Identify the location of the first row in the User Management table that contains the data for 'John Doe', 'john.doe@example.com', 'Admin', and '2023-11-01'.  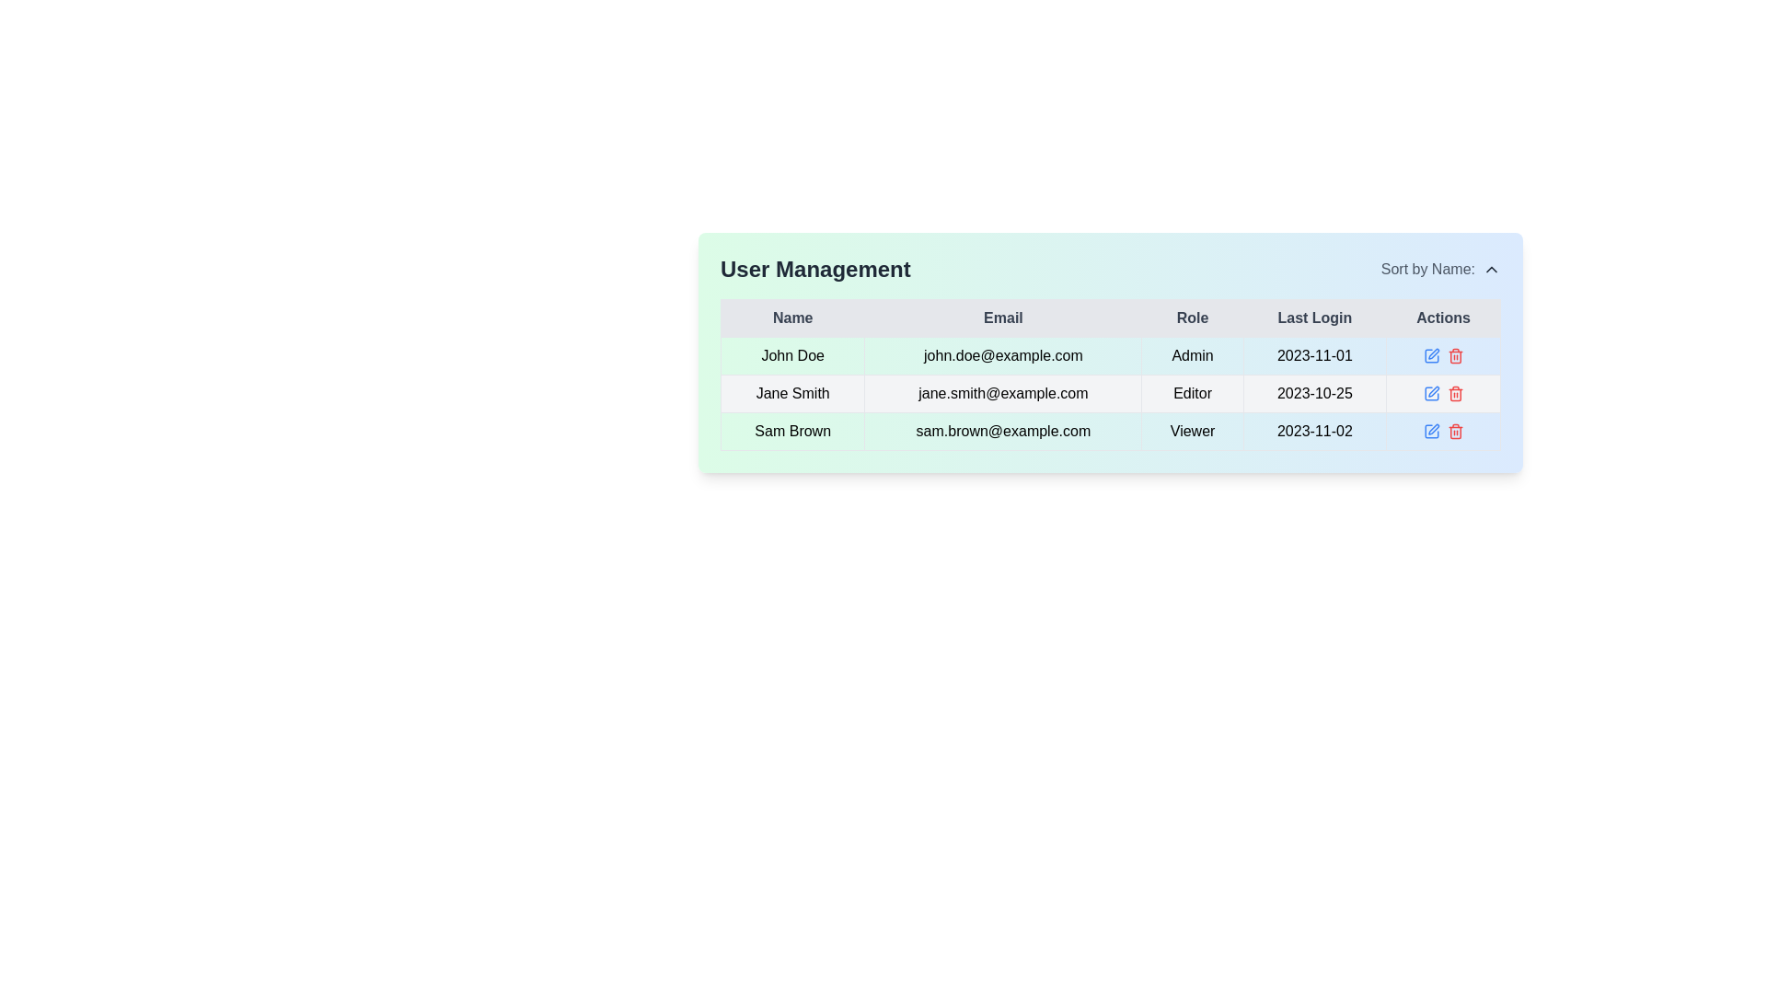
(1109, 355).